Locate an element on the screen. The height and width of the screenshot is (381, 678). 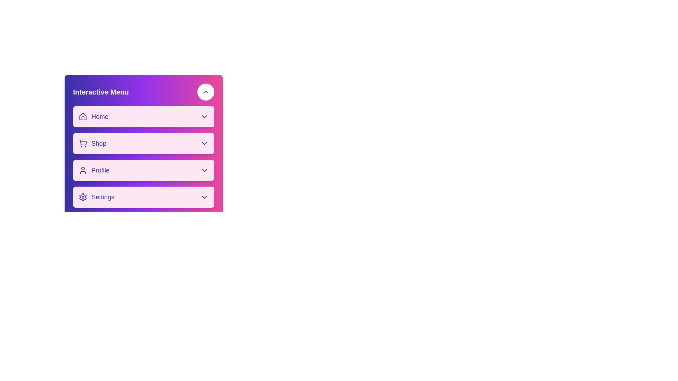
the 'Home' button is located at coordinates (143, 116).